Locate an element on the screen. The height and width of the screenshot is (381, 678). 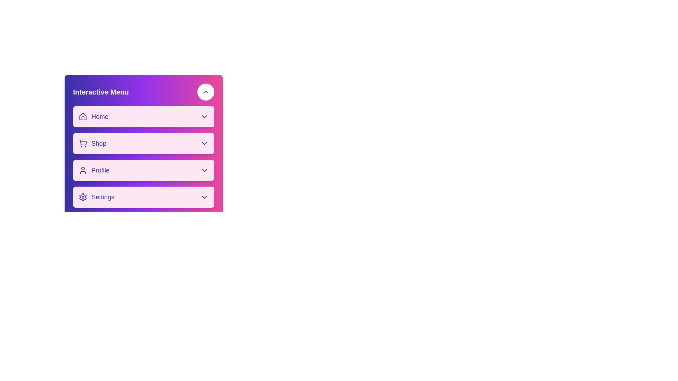
the 'Home' button is located at coordinates (143, 116).